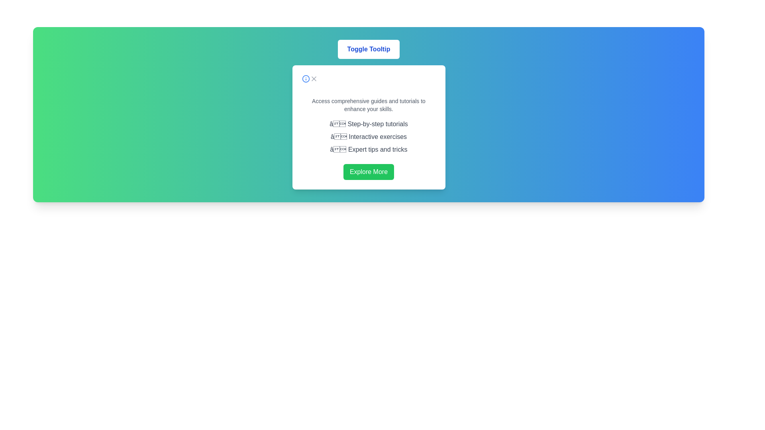  Describe the element at coordinates (368, 172) in the screenshot. I see `the navigation button located at the bottom-center of the white card containing learning resources` at that location.